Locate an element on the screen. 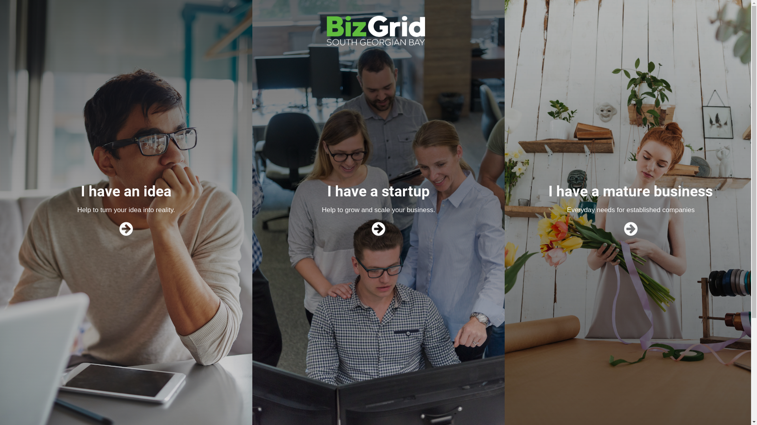 This screenshot has width=757, height=425. 'I have a startup' is located at coordinates (378, 191).